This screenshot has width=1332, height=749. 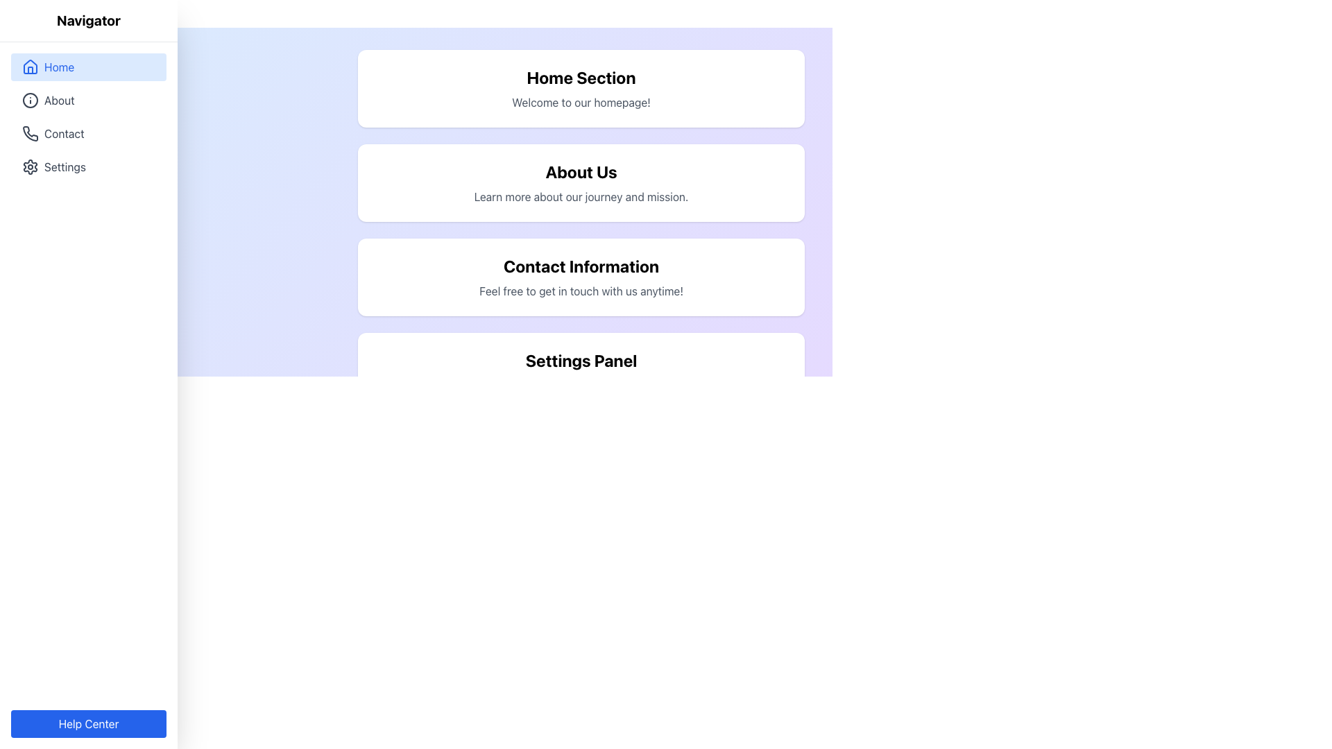 What do you see at coordinates (581, 101) in the screenshot?
I see `welcoming message located in the 'Home Section' directly below the title 'Home Section'` at bounding box center [581, 101].